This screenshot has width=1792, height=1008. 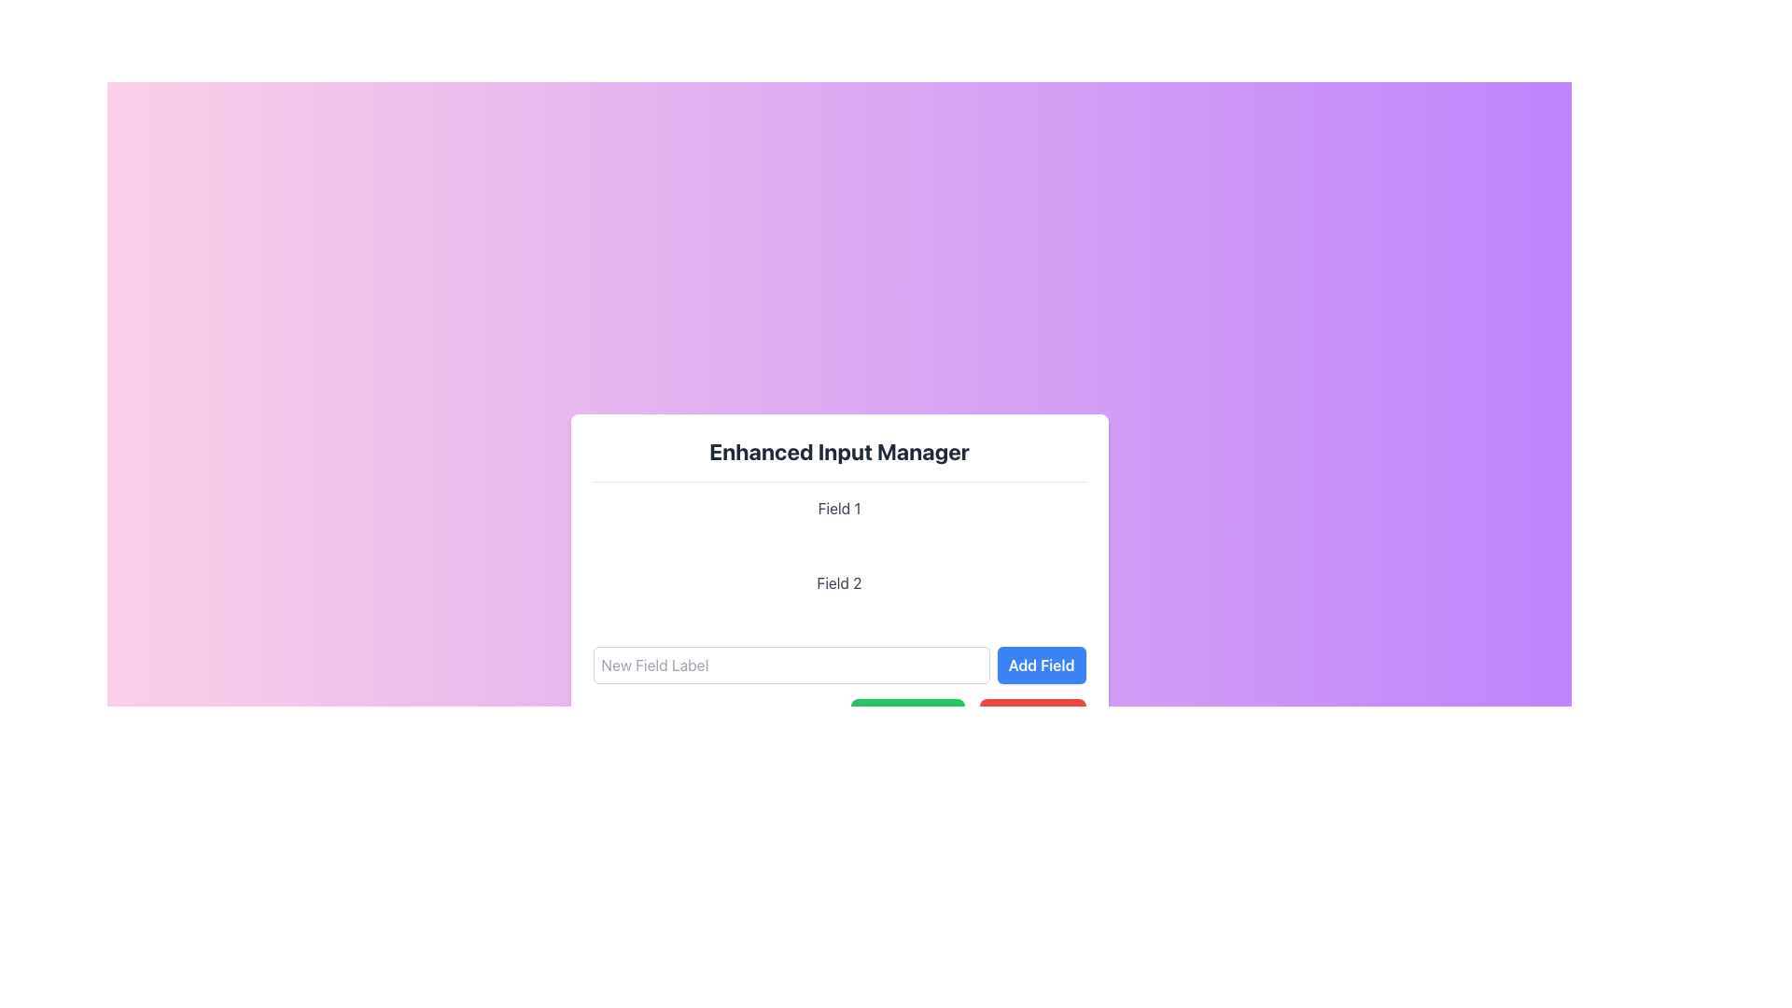 I want to click on the 'Add Field' button for keyboard navigation, so click(x=1041, y=664).